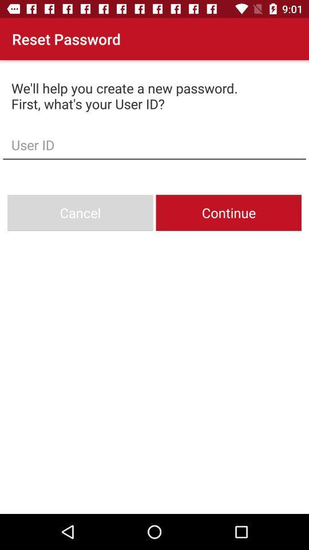  Describe the element at coordinates (80, 212) in the screenshot. I see `icon next to the continue item` at that location.